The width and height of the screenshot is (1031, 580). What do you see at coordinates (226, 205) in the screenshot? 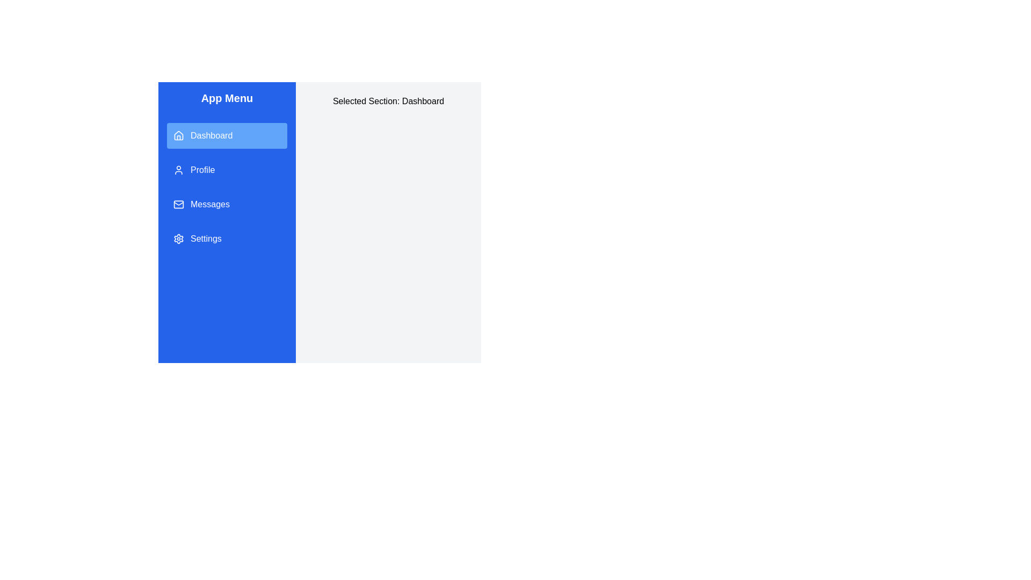
I see `the menu item Messages` at bounding box center [226, 205].